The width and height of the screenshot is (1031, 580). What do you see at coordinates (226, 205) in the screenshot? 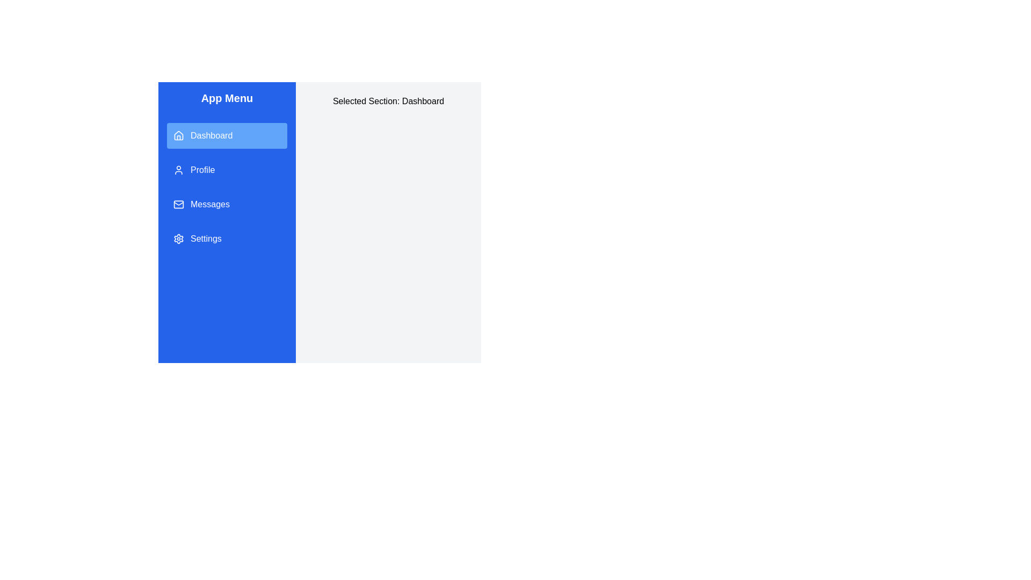
I see `the menu item Messages` at bounding box center [226, 205].